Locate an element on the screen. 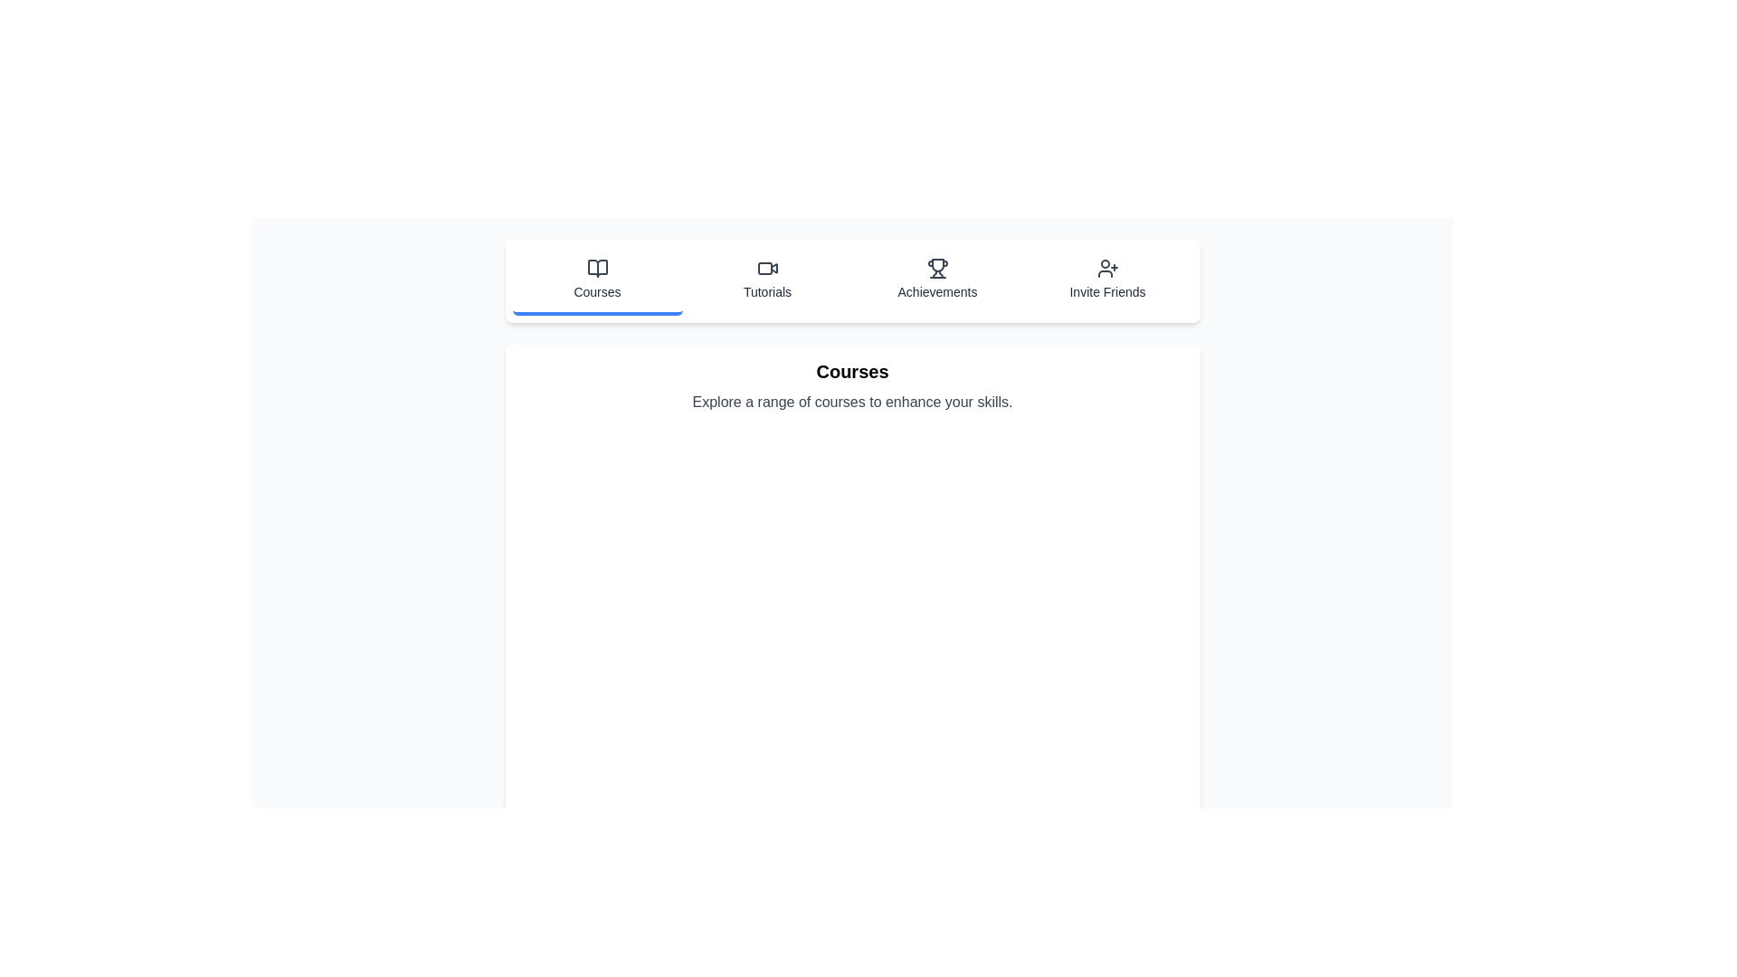 This screenshot has width=1737, height=977. the Navigation Button located on the far-left side of the navigation bar is located at coordinates (597, 281).